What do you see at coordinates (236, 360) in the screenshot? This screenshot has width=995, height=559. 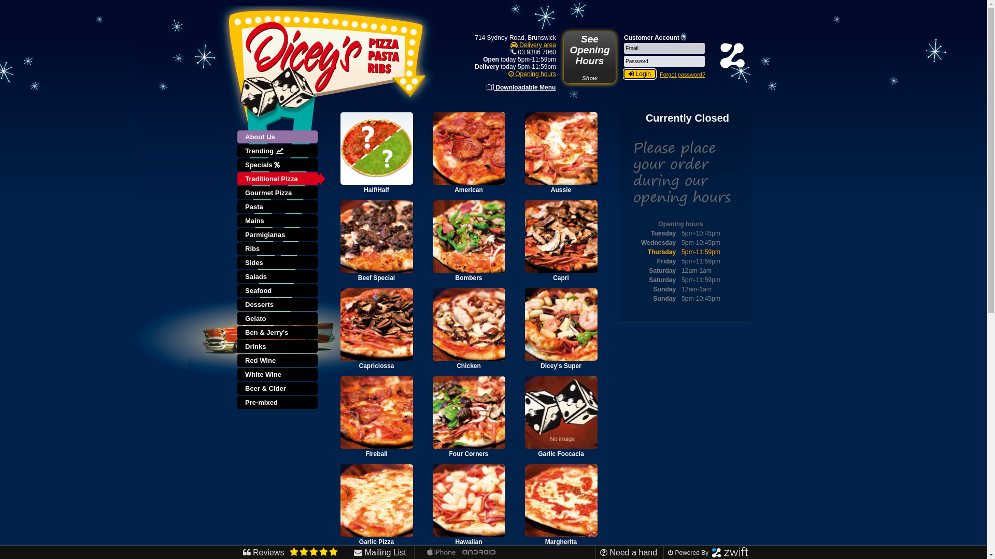 I see `'Red Wine'` at bounding box center [236, 360].